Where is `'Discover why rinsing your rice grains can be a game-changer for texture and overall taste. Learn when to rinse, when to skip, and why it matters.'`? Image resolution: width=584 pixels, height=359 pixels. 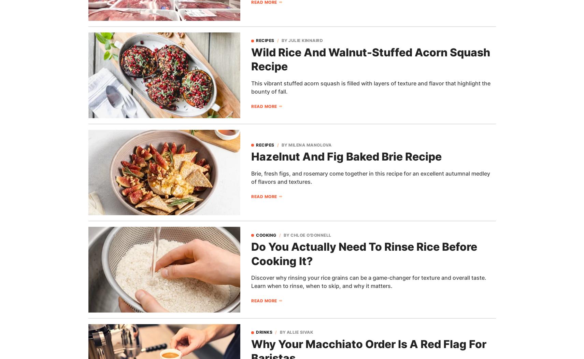 'Discover why rinsing your rice grains can be a game-changer for texture and overall taste. Learn when to rinse, when to skip, and why it matters.' is located at coordinates (369, 282).